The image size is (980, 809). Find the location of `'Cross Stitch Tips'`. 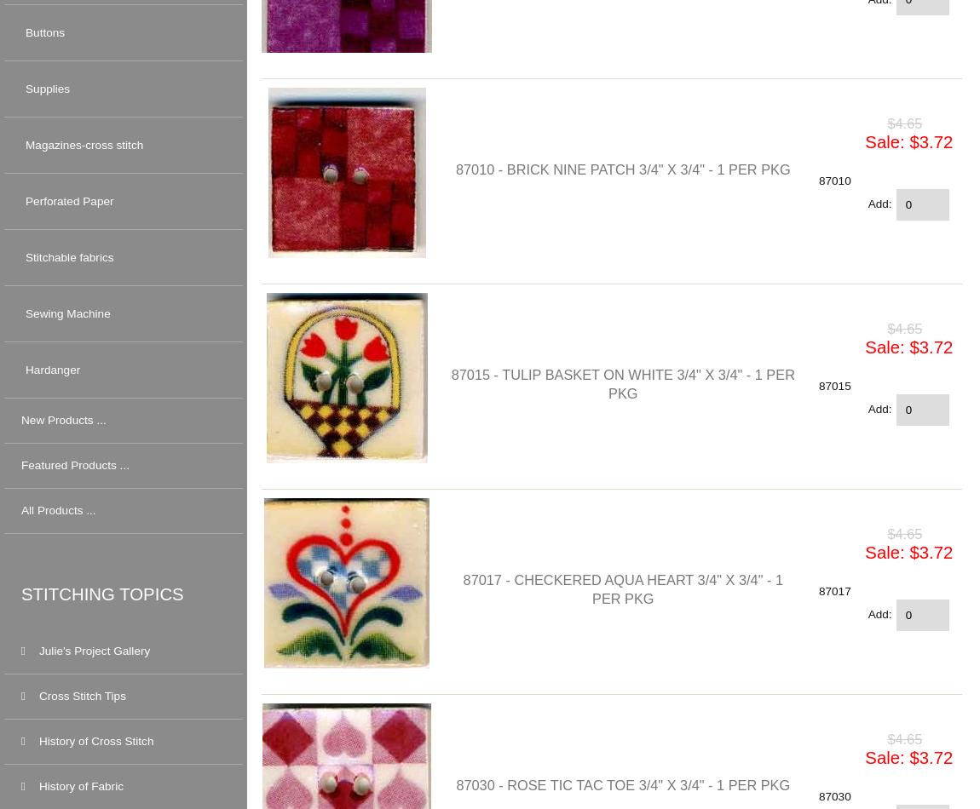

'Cross Stitch Tips' is located at coordinates (81, 695).